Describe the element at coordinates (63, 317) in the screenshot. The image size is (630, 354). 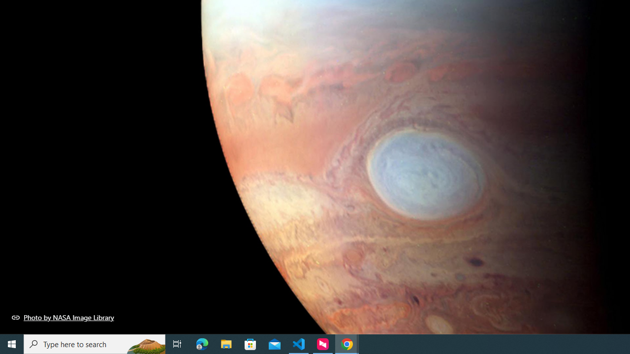
I see `'Photo by NASA Image Library'` at that location.